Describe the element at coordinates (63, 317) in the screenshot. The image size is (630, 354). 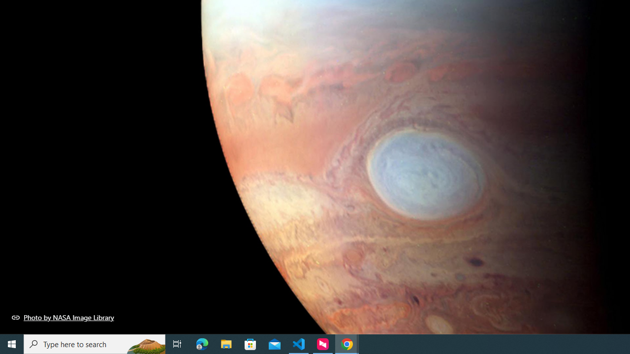
I see `'Photo by NASA Image Library'` at that location.